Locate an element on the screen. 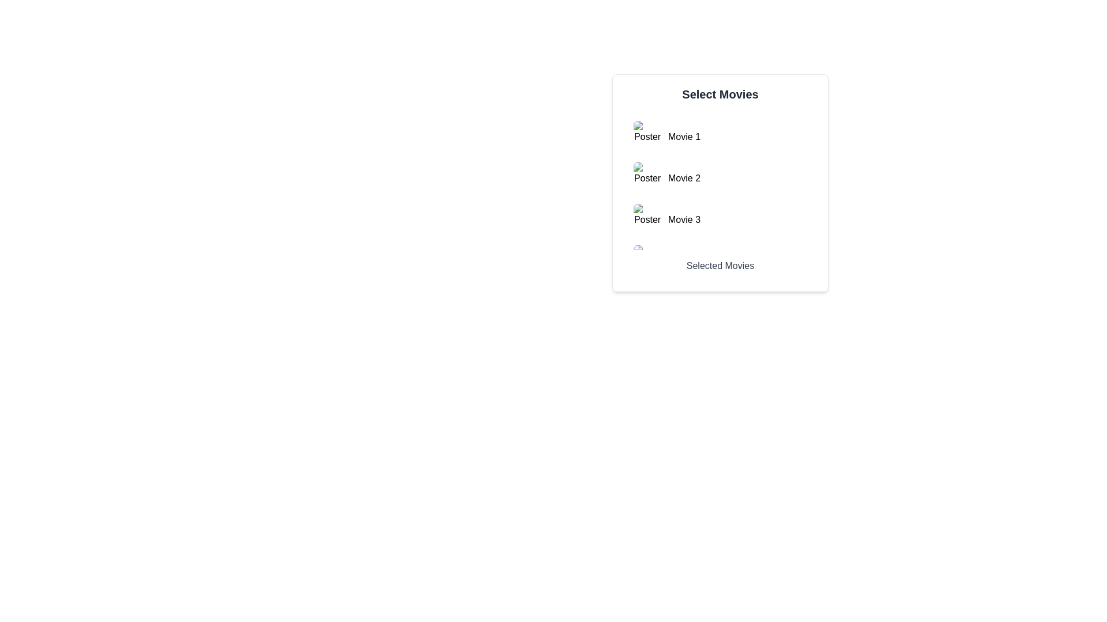  the image placeholder representing the movie poster for 'Movie 3' located in the 'Select Movies' block is located at coordinates (647, 219).